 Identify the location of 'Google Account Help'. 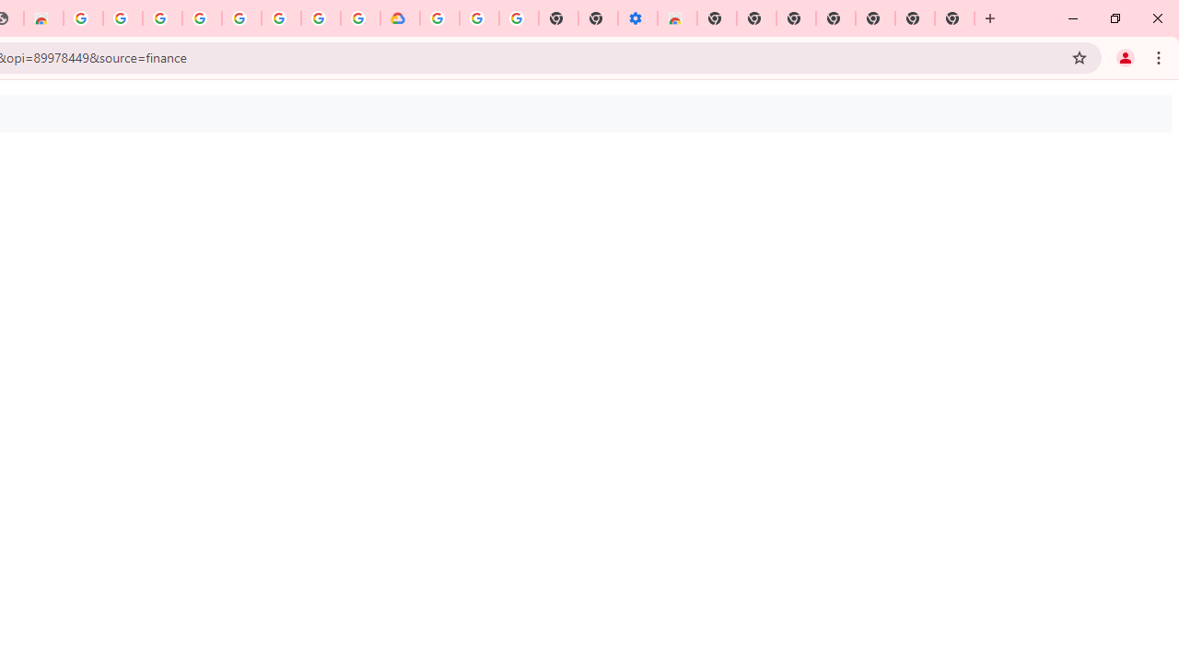
(240, 18).